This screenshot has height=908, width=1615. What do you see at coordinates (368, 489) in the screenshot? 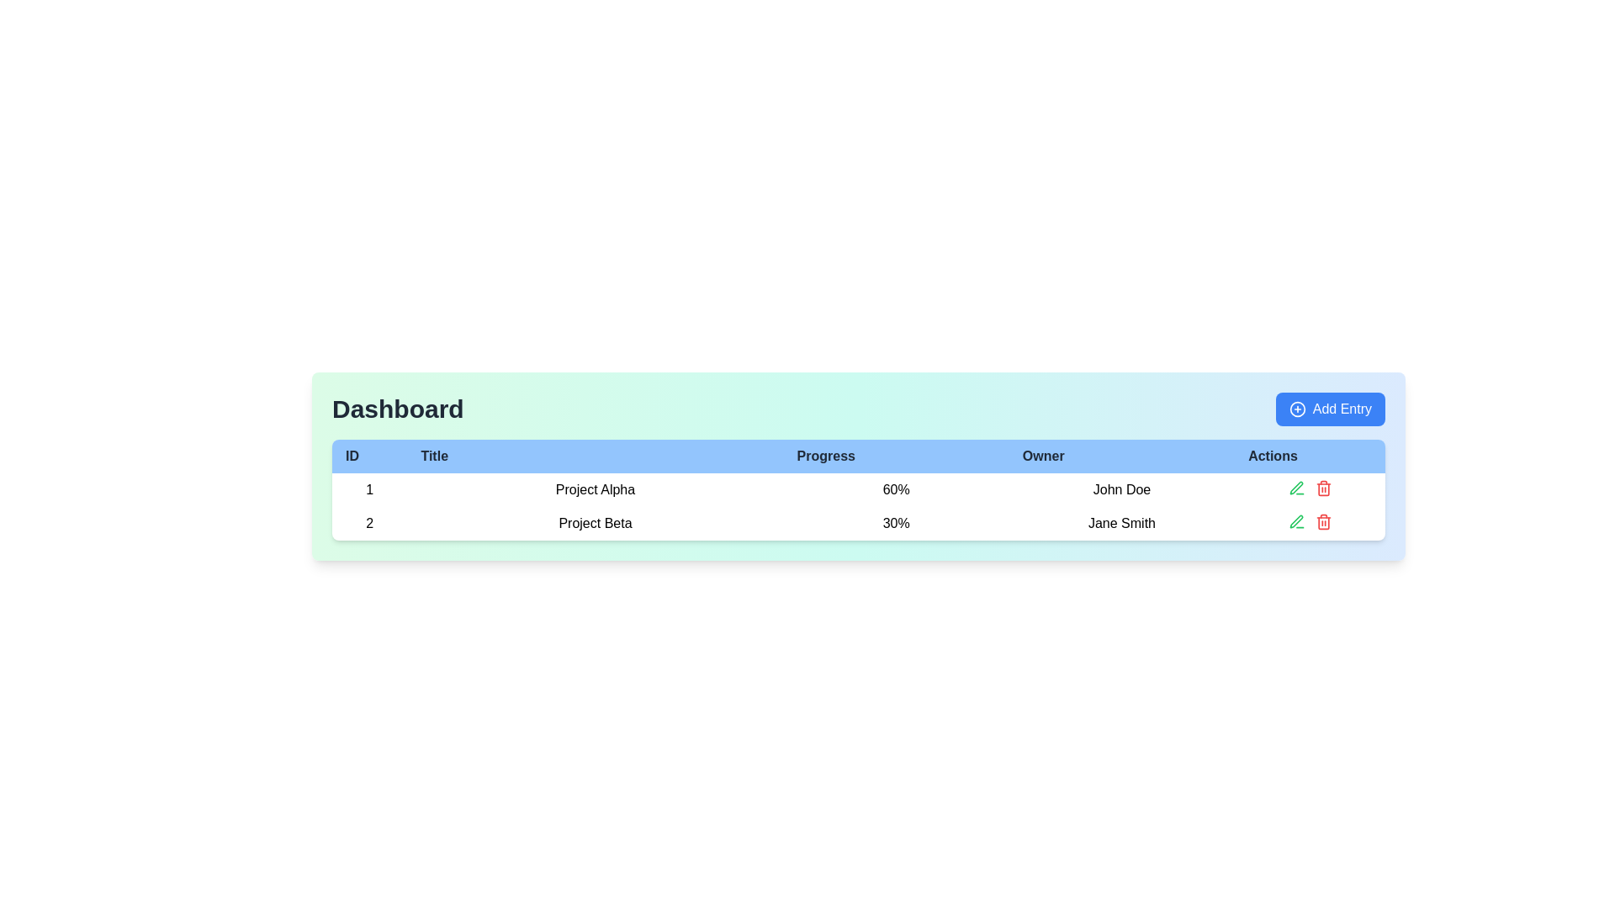
I see `the text label that identifies the first record in the table, located in the first row of the 'ID' column, directly above '2'` at bounding box center [368, 489].